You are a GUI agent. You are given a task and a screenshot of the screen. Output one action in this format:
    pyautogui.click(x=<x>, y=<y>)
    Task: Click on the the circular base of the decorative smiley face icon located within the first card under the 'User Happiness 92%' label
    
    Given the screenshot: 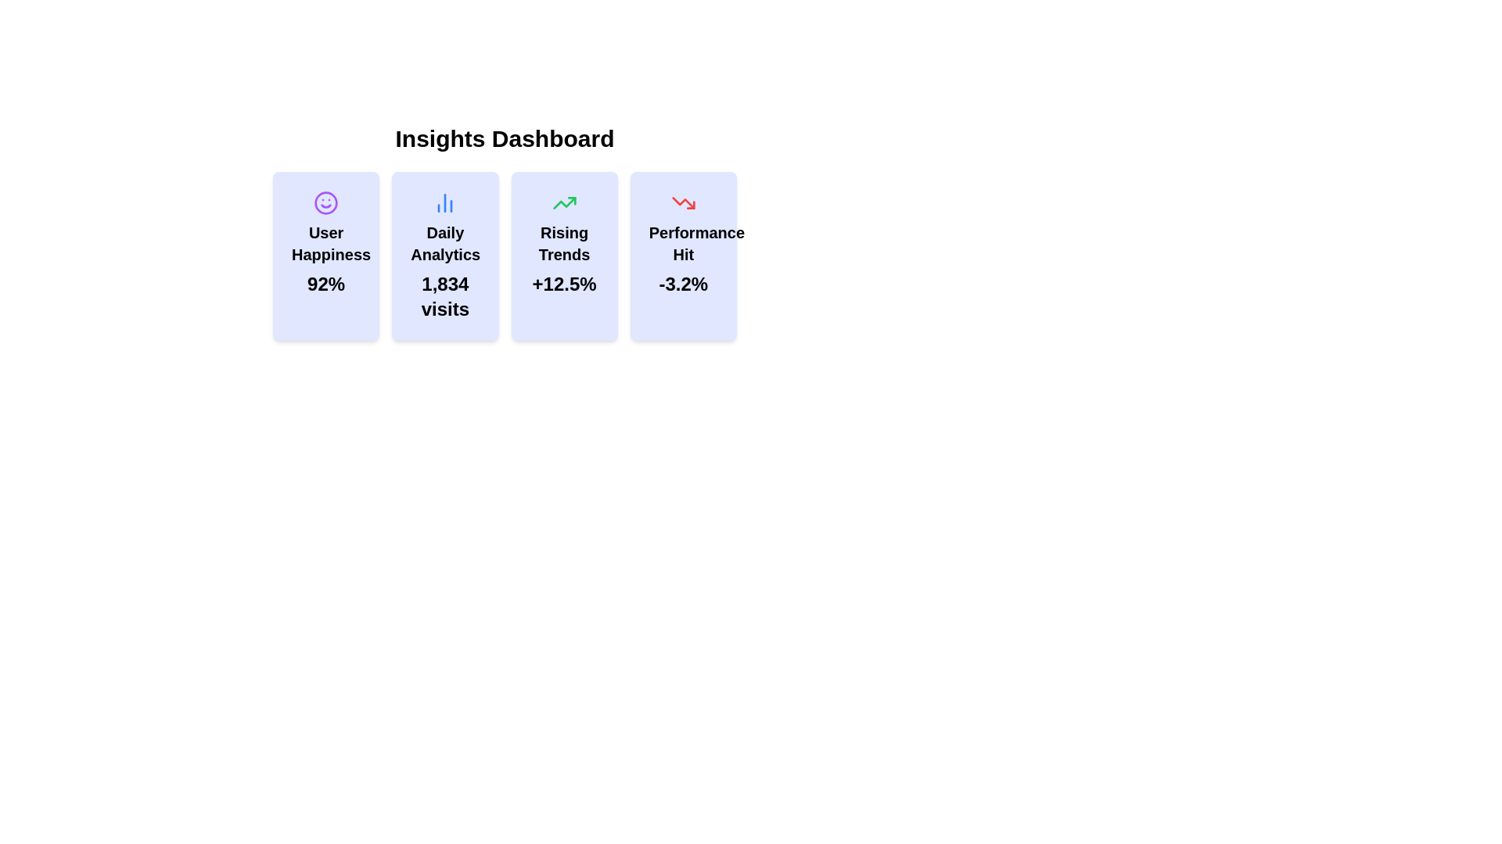 What is the action you would take?
    pyautogui.click(x=325, y=202)
    